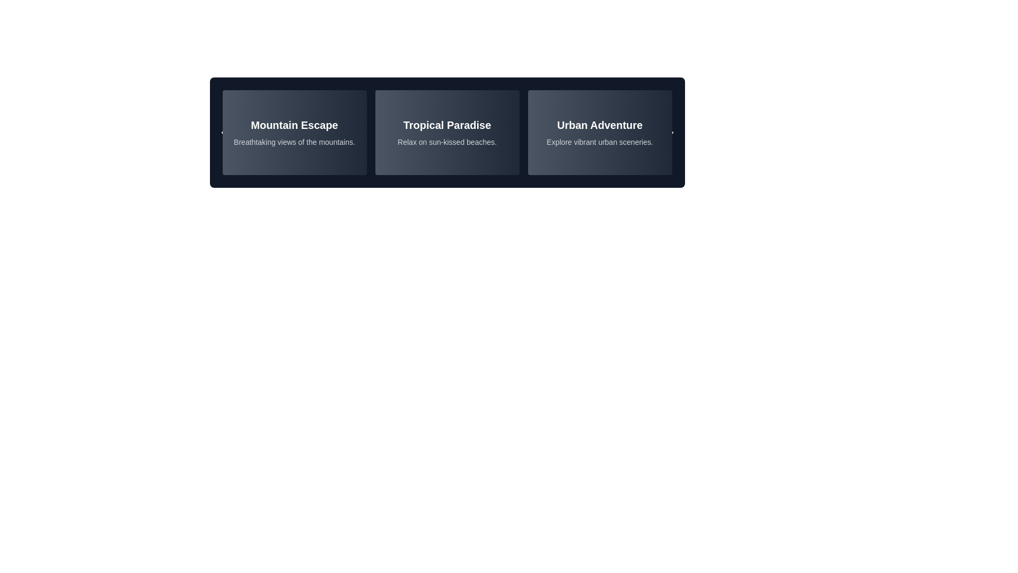  What do you see at coordinates (600, 141) in the screenshot?
I see `the text label that features 'Explore vibrant urban sceneries.' styled in small, light-gray font, positioned below 'Urban Adventure'` at bounding box center [600, 141].